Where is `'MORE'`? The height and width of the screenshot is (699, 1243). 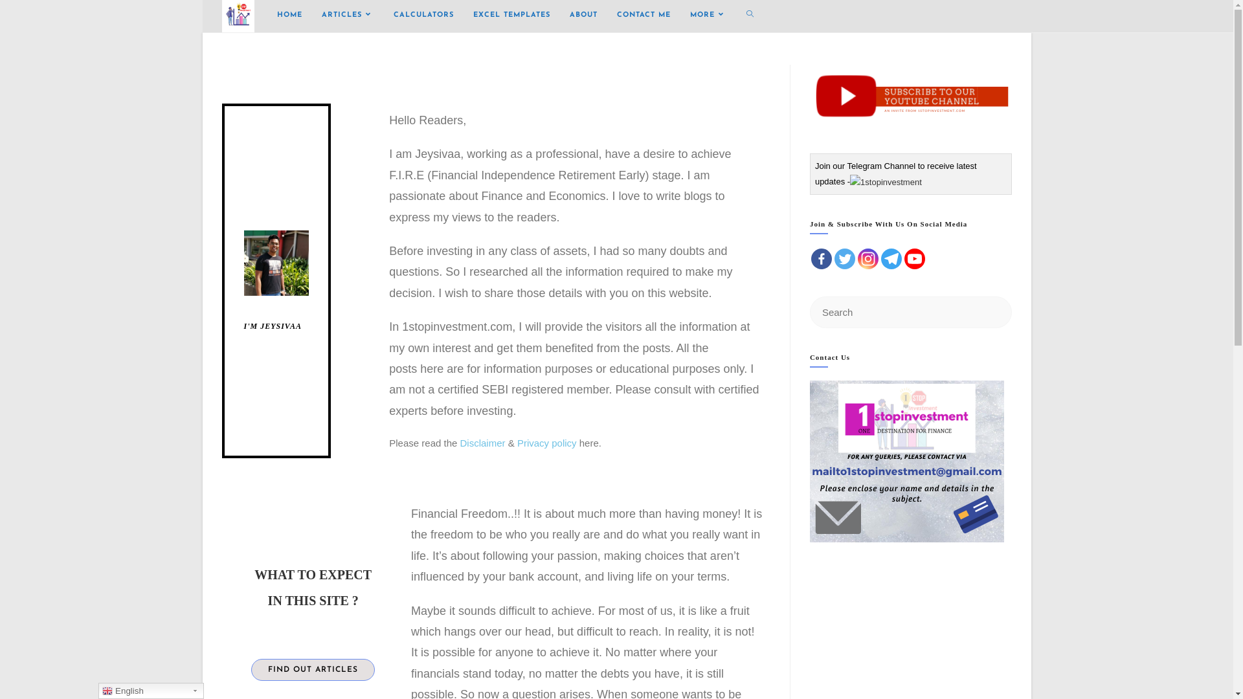 'MORE' is located at coordinates (707, 15).